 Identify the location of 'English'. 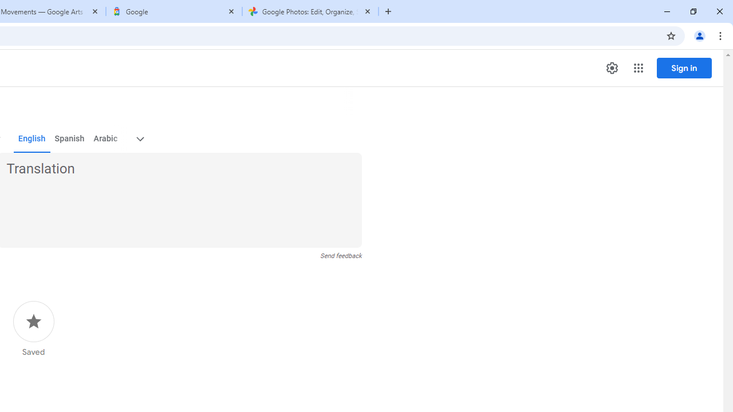
(31, 138).